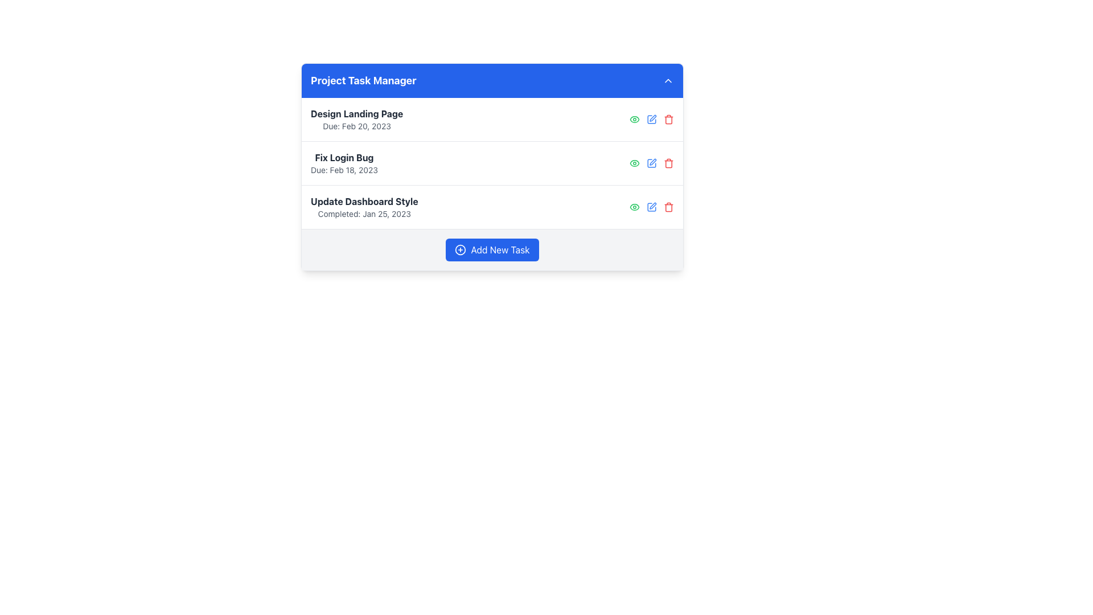  I want to click on the blue pencil icon button for the 'Design Landing Page' task, so click(652, 119).